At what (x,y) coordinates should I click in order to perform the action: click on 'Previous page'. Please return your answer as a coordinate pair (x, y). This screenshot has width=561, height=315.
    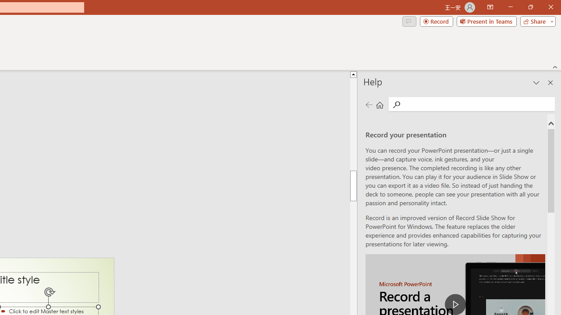
    Looking at the image, I should click on (369, 104).